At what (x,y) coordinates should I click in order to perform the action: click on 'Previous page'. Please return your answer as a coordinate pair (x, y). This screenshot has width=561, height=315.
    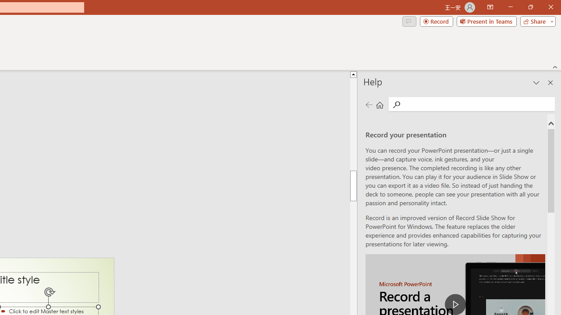
    Looking at the image, I should click on (369, 104).